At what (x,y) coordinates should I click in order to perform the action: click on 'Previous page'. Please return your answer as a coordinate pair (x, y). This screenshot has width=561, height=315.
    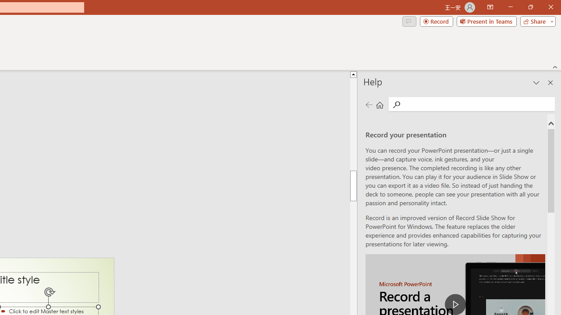
    Looking at the image, I should click on (369, 104).